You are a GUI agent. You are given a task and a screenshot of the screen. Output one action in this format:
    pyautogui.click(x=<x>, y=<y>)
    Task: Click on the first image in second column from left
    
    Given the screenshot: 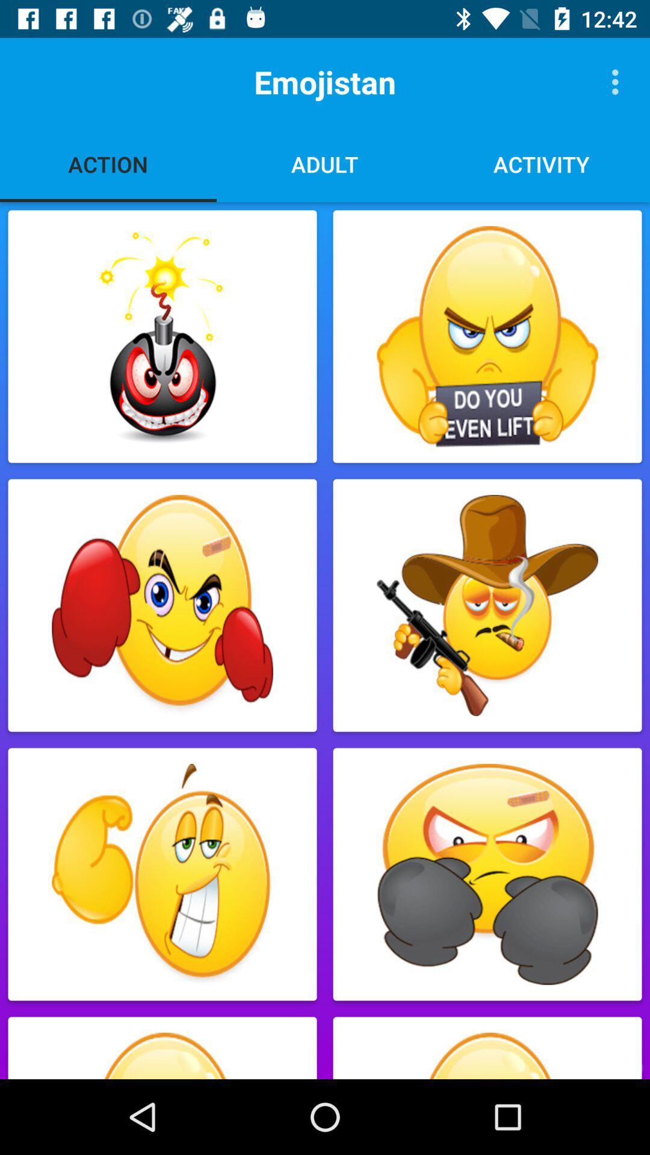 What is the action you would take?
    pyautogui.click(x=487, y=337)
    